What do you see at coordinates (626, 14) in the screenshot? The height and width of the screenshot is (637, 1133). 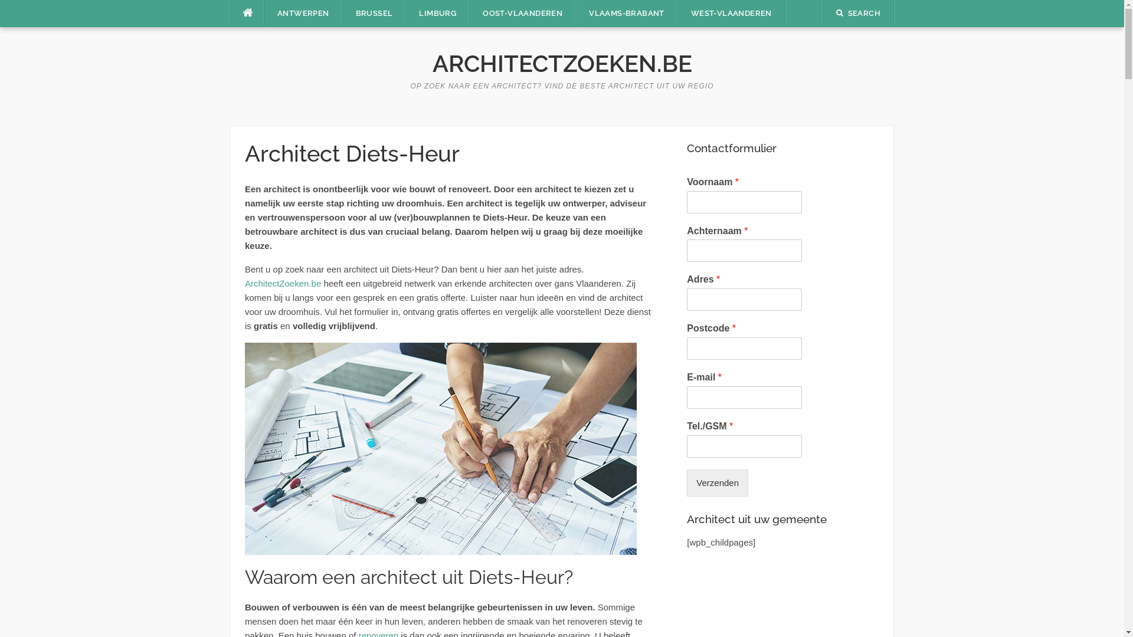 I see `'VLAAMS-BRABANT'` at bounding box center [626, 14].